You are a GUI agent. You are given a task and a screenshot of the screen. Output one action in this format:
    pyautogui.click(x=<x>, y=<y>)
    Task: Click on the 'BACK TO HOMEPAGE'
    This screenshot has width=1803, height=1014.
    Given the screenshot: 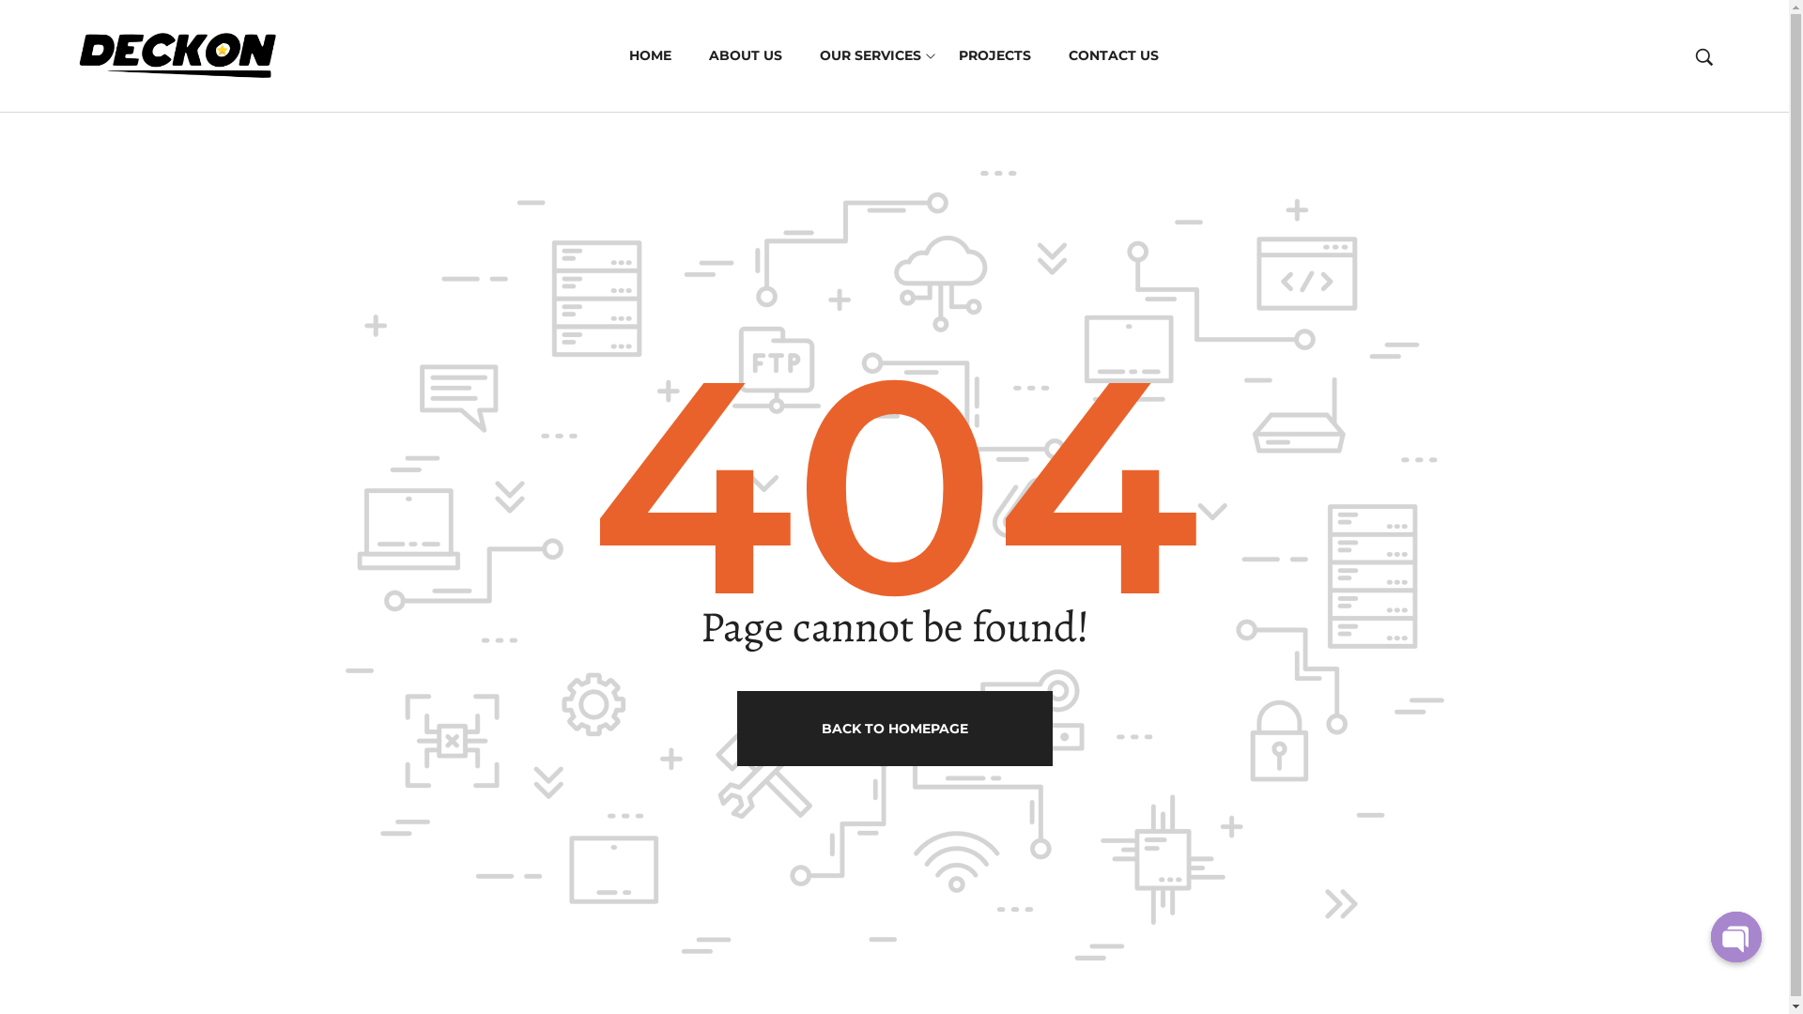 What is the action you would take?
    pyautogui.click(x=892, y=727)
    